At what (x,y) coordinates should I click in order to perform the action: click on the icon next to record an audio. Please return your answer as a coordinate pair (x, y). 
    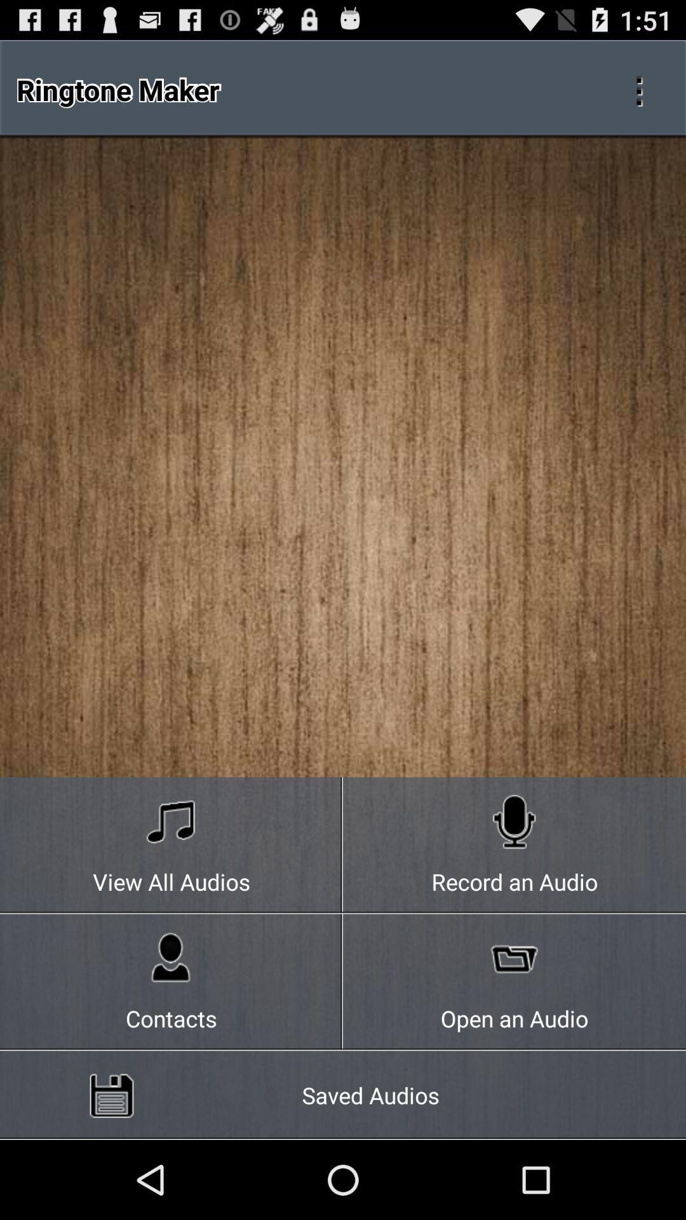
    Looking at the image, I should click on (171, 845).